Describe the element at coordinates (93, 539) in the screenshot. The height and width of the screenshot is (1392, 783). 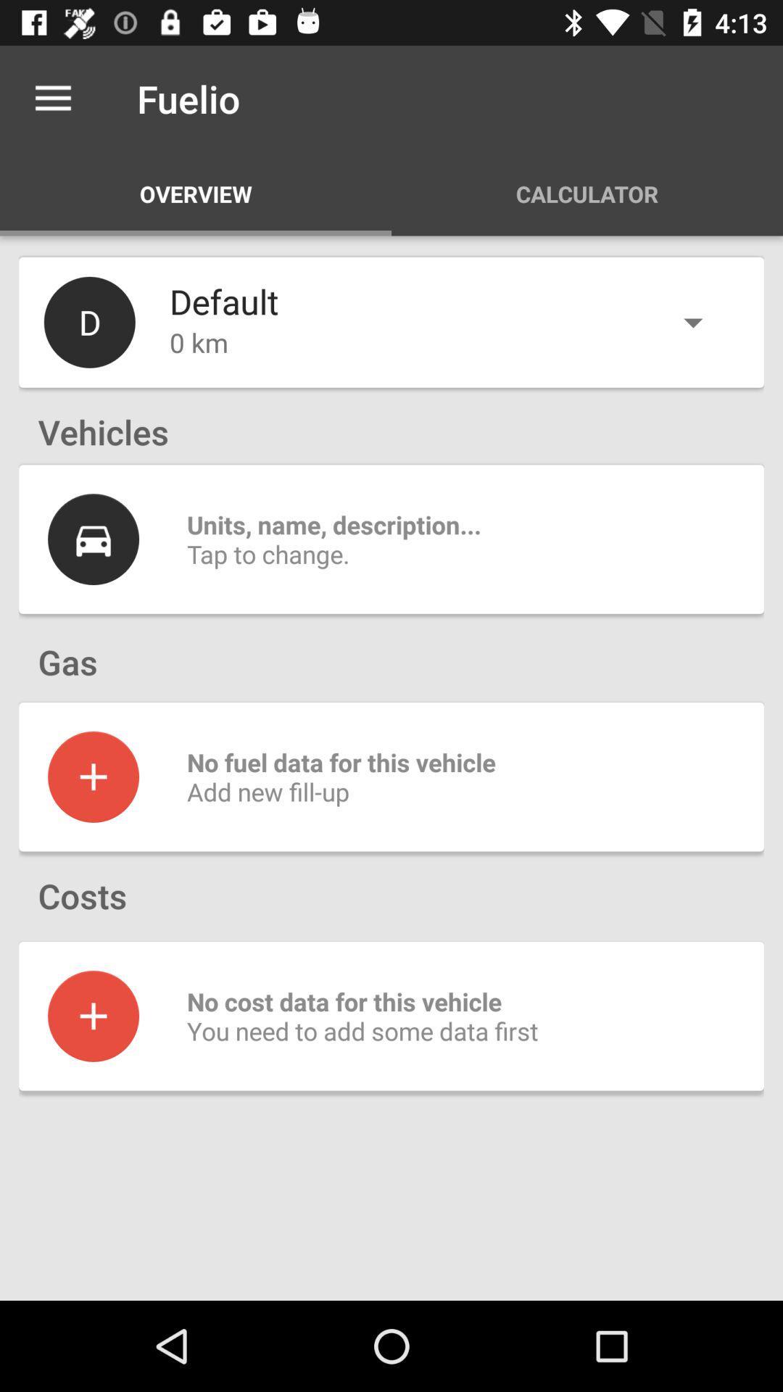
I see `user details` at that location.